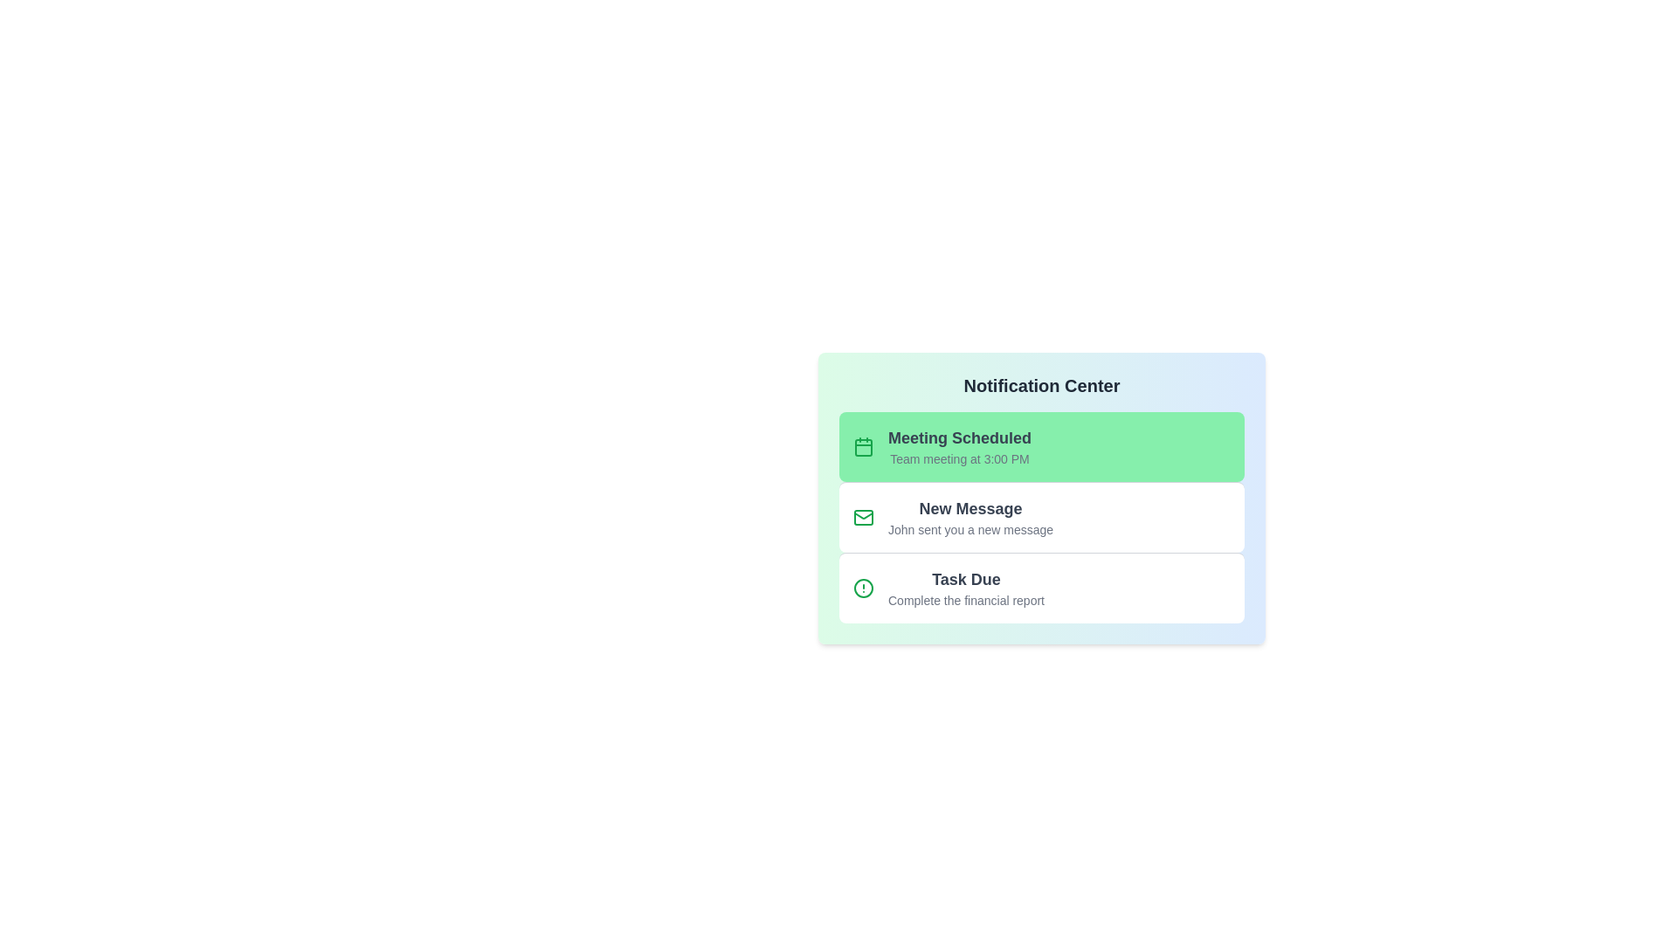 The height and width of the screenshot is (943, 1677). What do you see at coordinates (1042, 587) in the screenshot?
I see `the notification item Task Due to observe its hover effect` at bounding box center [1042, 587].